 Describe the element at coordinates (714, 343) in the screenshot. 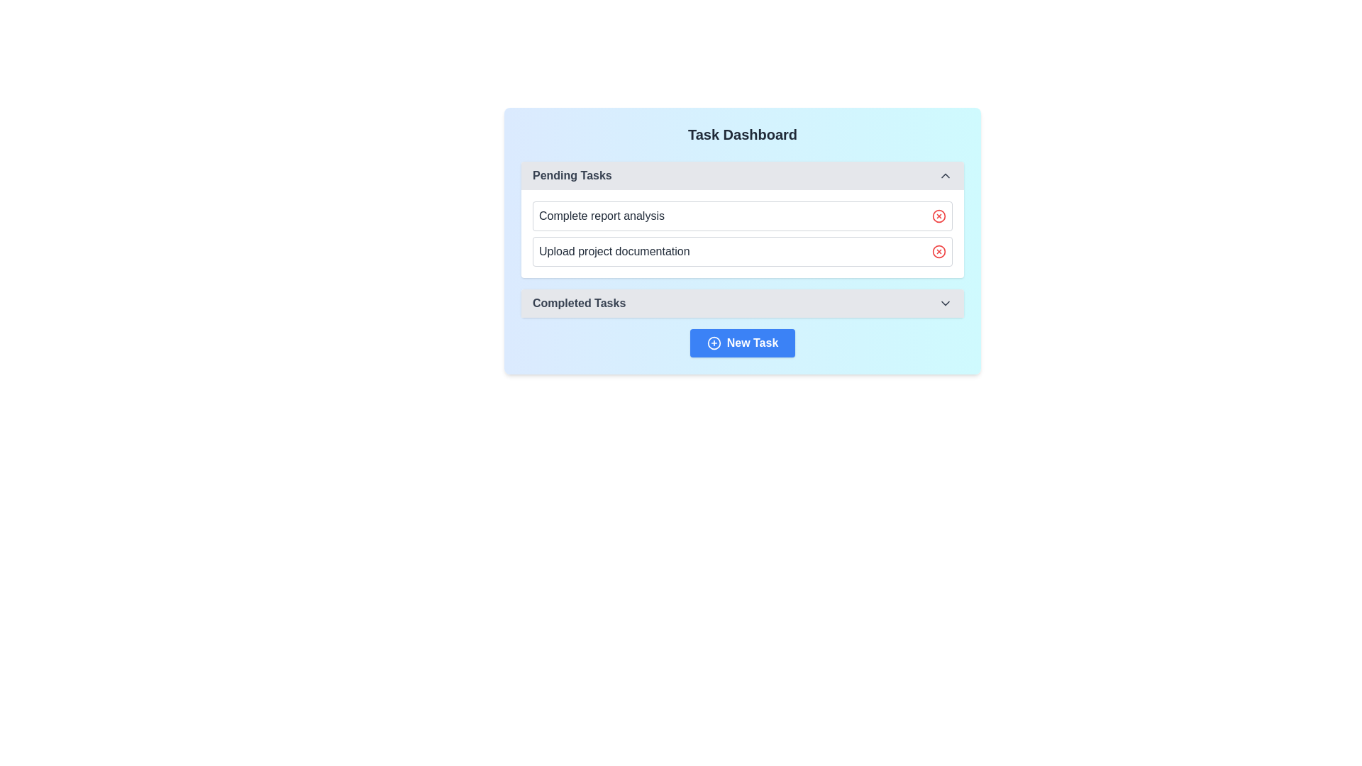

I see `the circular icon that serves as the enclosing shape for the '+' symbol within the 'New Task' button, located near the center bottom of the interface` at that location.